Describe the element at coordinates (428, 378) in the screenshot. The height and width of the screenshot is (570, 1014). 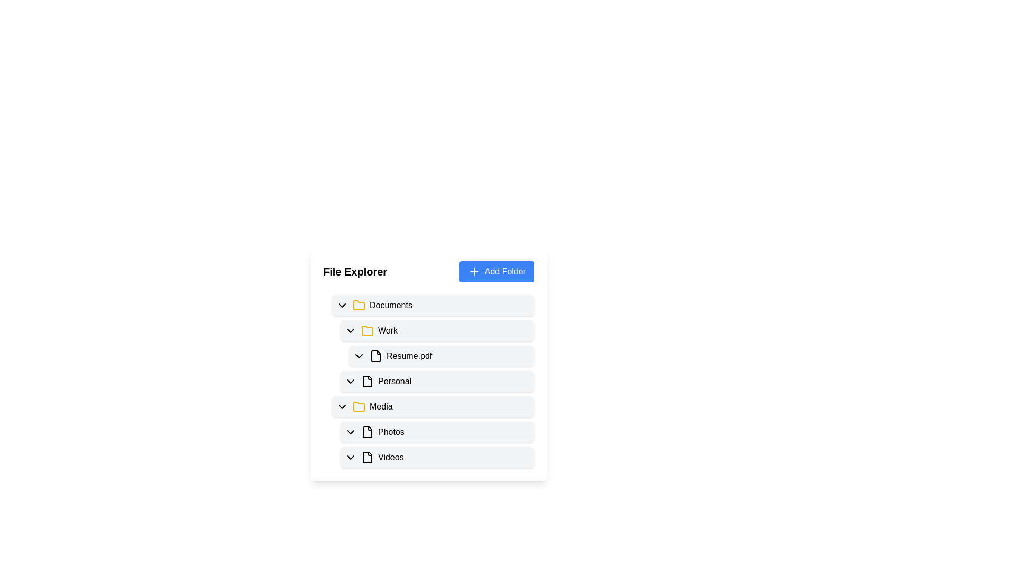
I see `the 'Personal' labeled menu item in the file explorer` at that location.